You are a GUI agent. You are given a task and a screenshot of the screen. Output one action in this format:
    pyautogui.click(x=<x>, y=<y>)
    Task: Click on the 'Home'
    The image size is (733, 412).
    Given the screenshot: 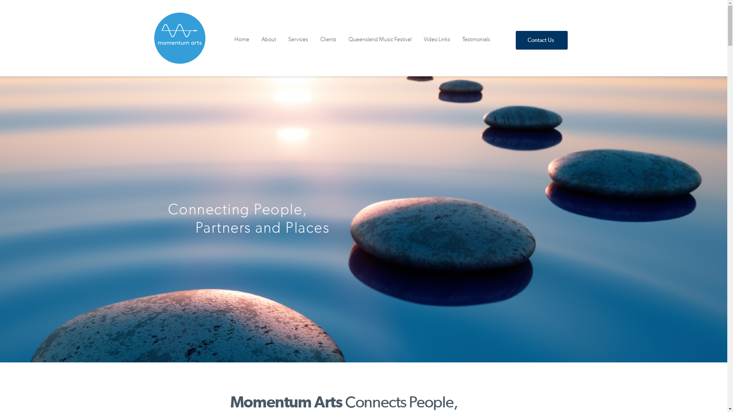 What is the action you would take?
    pyautogui.click(x=241, y=40)
    